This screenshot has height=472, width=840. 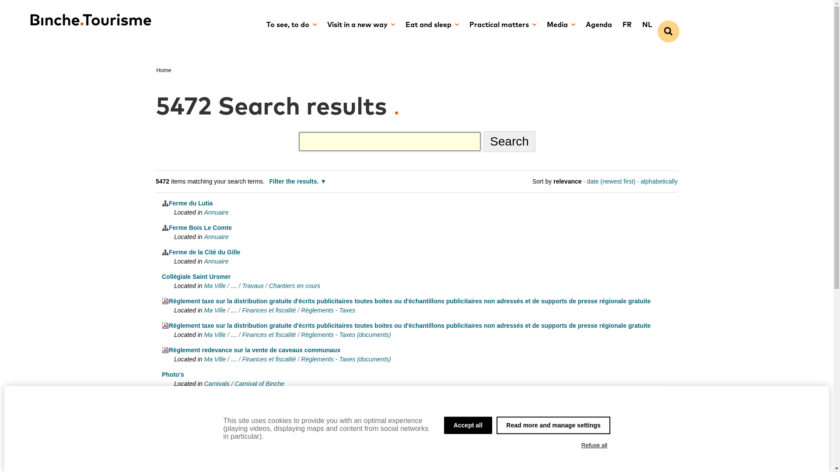 What do you see at coordinates (659, 181) in the screenshot?
I see `'alphabetically'` at bounding box center [659, 181].